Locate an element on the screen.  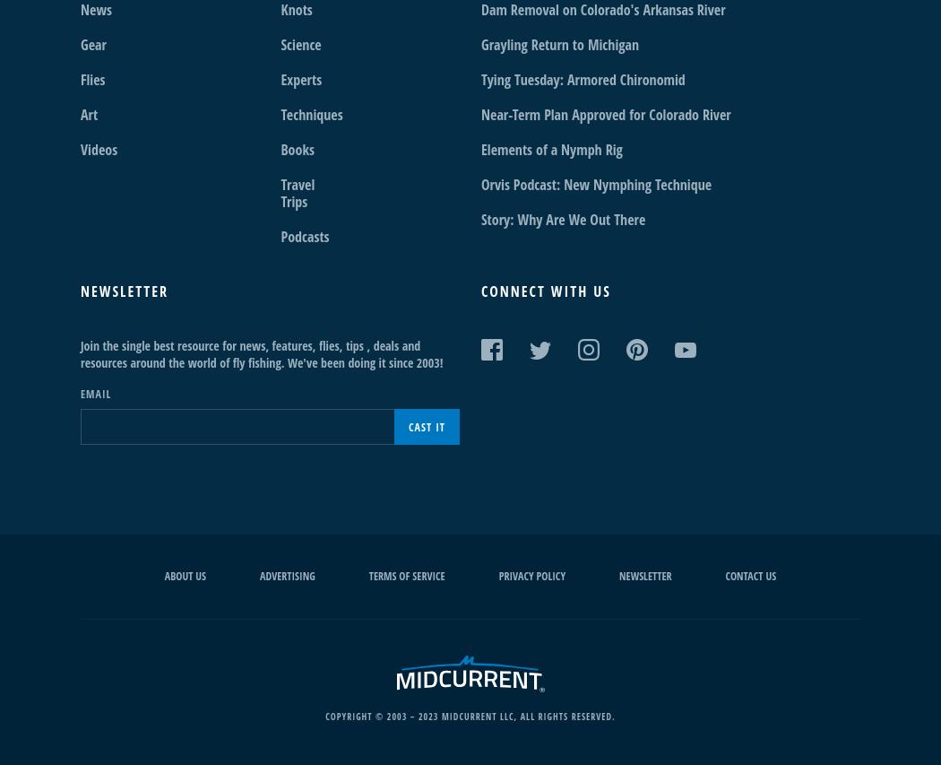
'Trips' is located at coordinates (294, 201).